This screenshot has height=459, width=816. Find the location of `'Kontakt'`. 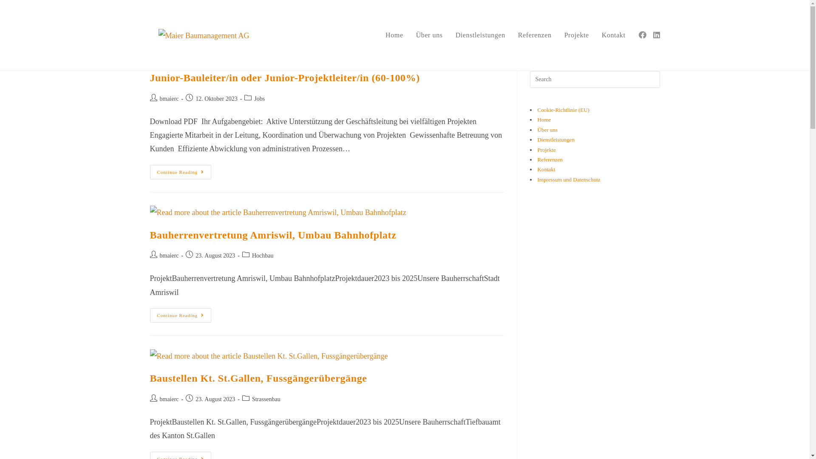

'Kontakt' is located at coordinates (614, 35).